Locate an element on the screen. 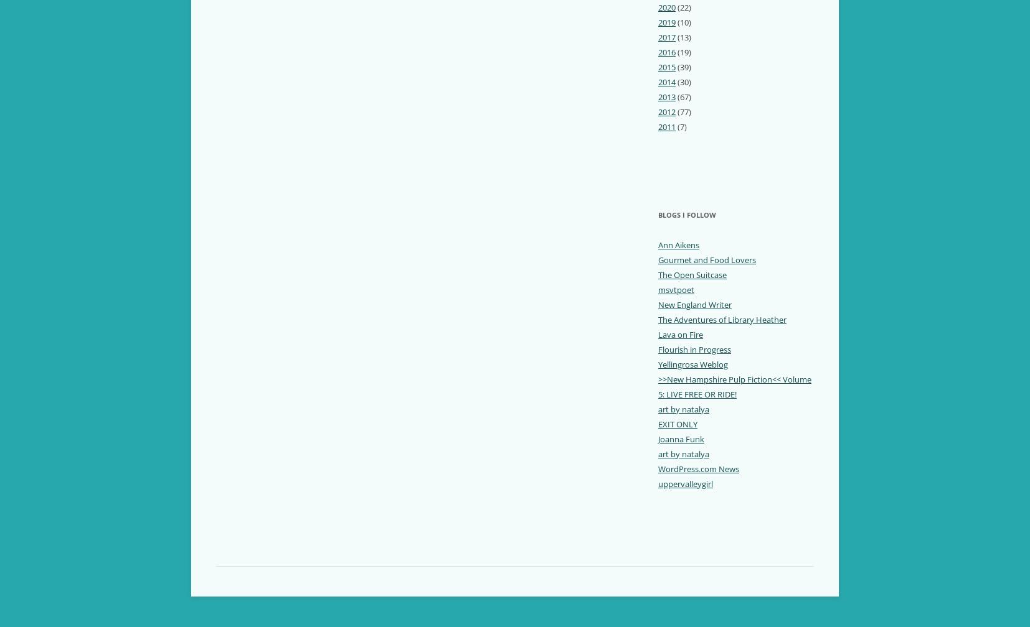 The height and width of the screenshot is (627, 1030). '(19)' is located at coordinates (683, 51).